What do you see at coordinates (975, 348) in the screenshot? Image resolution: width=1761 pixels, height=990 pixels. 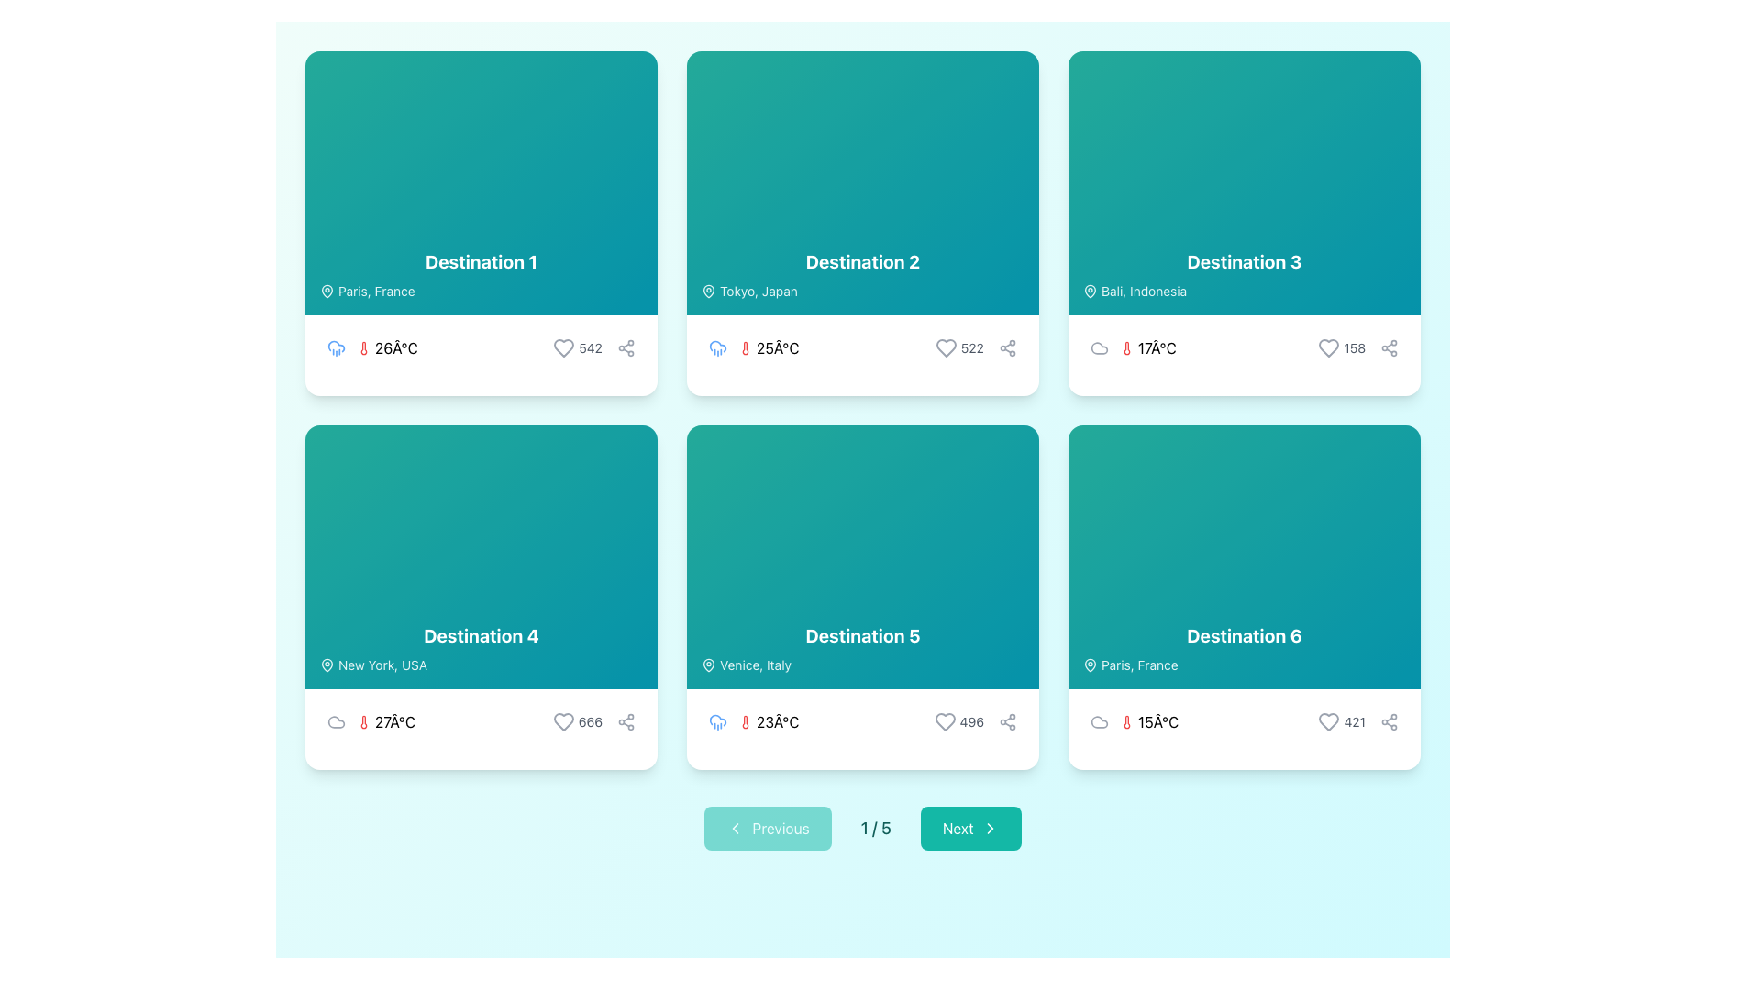 I see `the Text Indicator displaying likes for the second card of 'Destination 2', located at the bottom right corner adjacent to the share icon and heart icon` at bounding box center [975, 348].